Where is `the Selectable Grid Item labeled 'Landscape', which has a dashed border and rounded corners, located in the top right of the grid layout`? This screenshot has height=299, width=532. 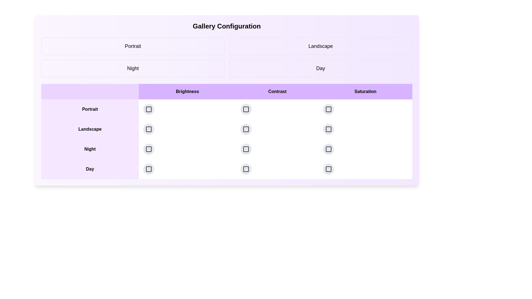 the Selectable Grid Item labeled 'Landscape', which has a dashed border and rounded corners, located in the top right of the grid layout is located at coordinates (321, 46).